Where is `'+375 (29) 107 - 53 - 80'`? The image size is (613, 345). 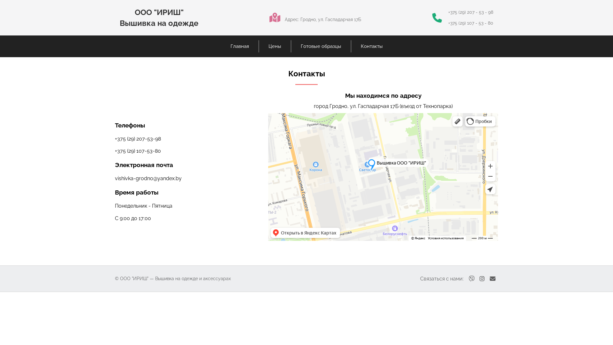
'+375 (29) 107 - 53 - 80' is located at coordinates (471, 23).